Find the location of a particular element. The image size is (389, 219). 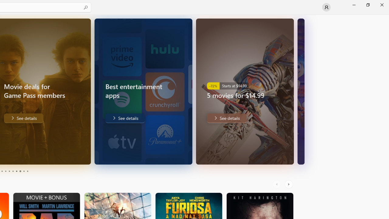

'Page 9' is located at coordinates (24, 171).